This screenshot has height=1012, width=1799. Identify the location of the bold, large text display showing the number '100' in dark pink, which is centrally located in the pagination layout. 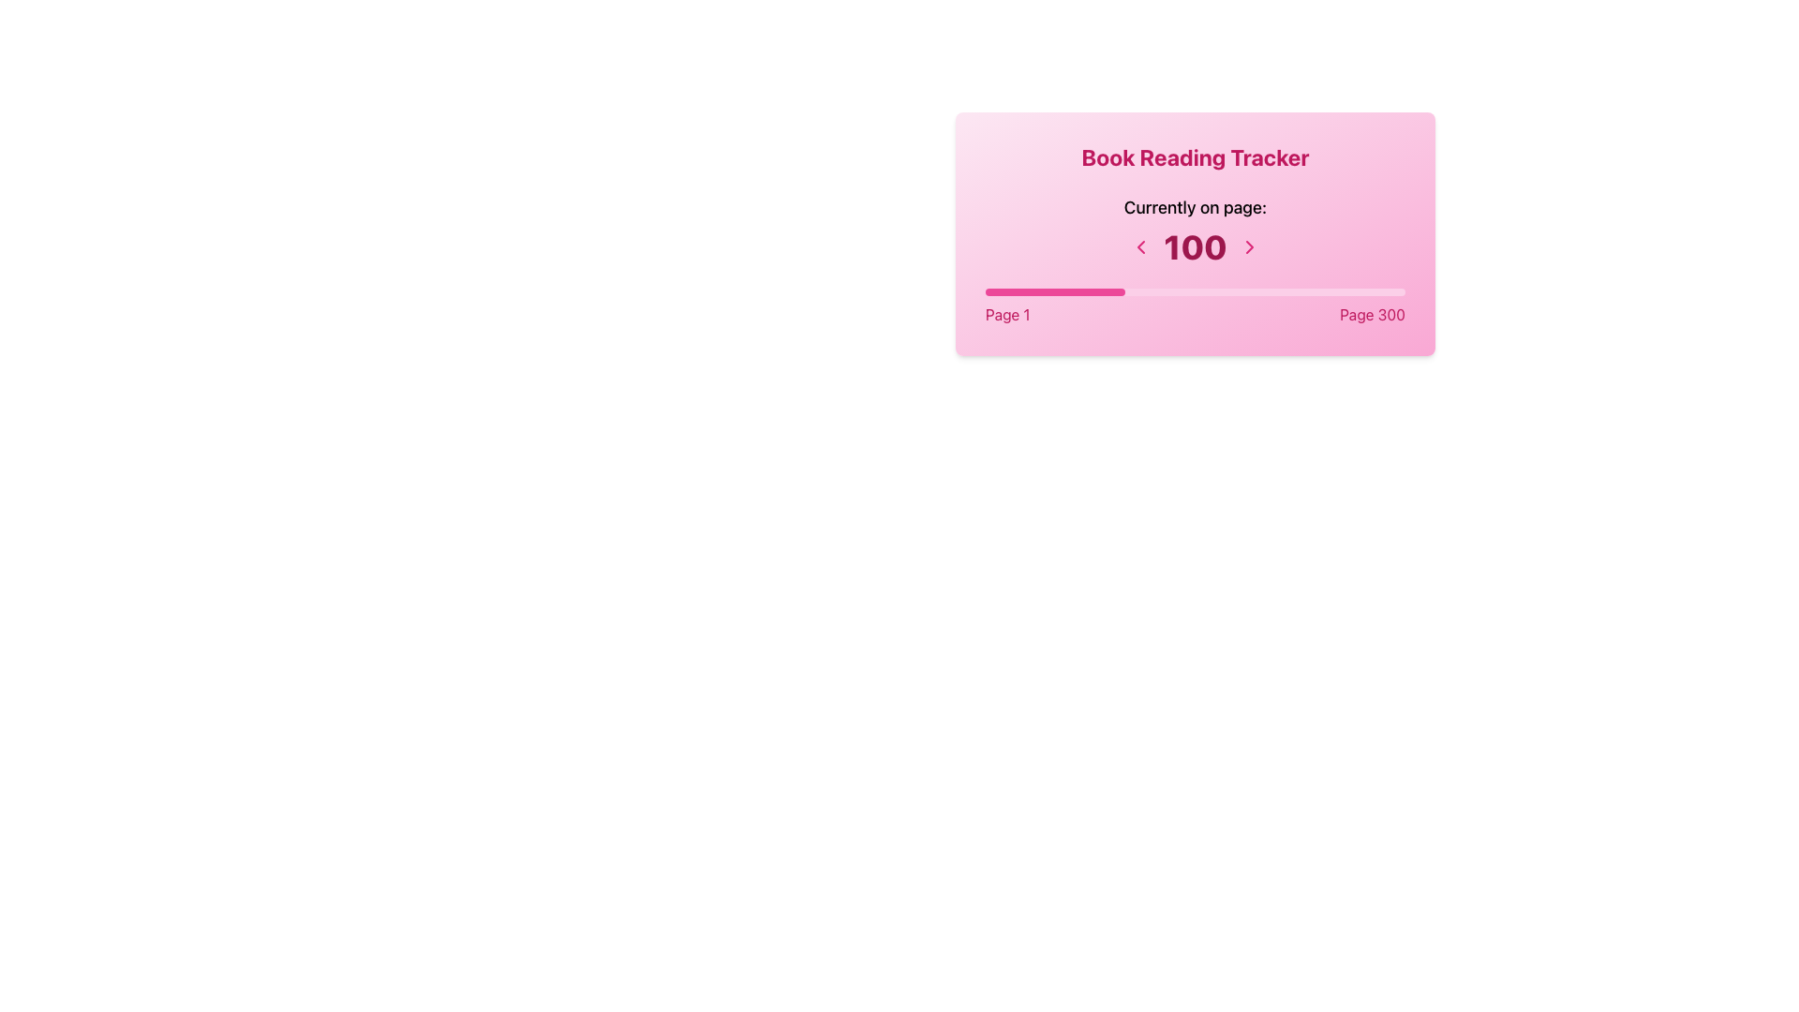
(1195, 246).